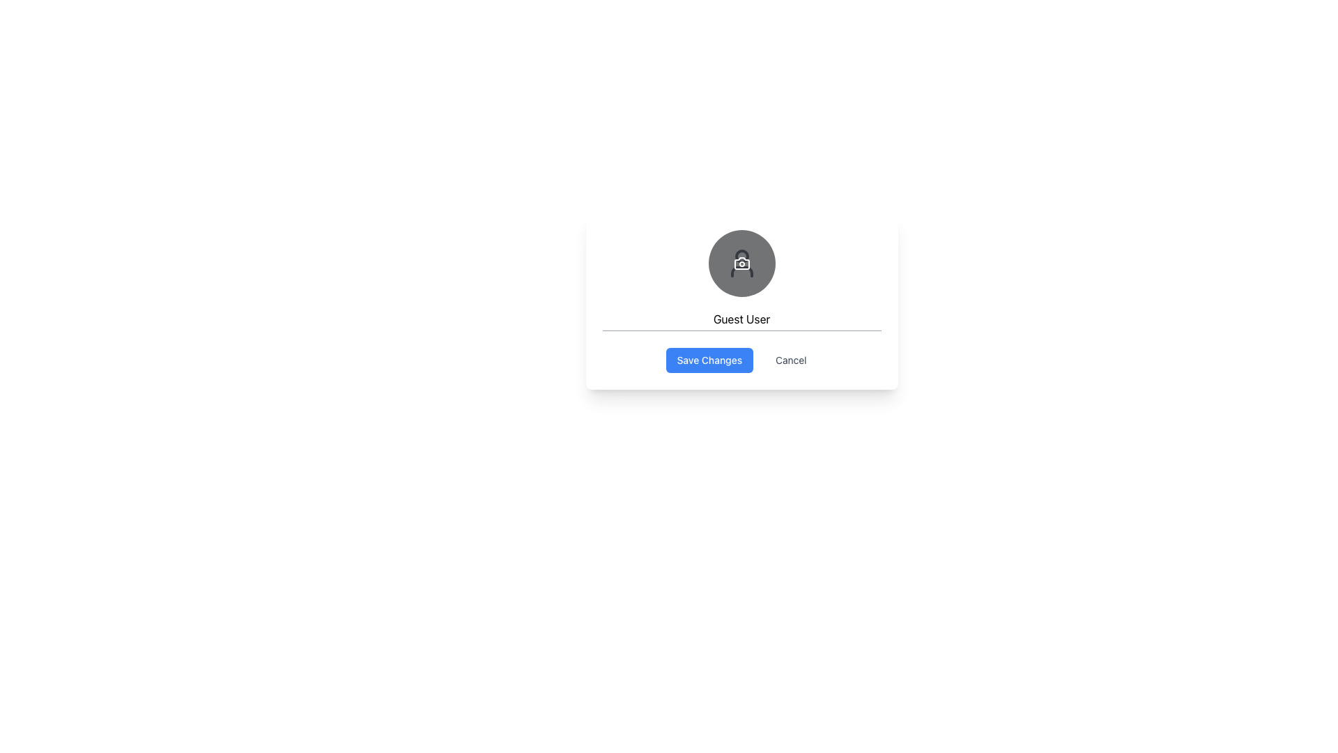 This screenshot has height=753, width=1338. I want to click on the camera icon located at the center of the circular user avatar placeholder, which is situated above the text 'Guest User', to potentially see a tooltip or additional options, so click(741, 264).